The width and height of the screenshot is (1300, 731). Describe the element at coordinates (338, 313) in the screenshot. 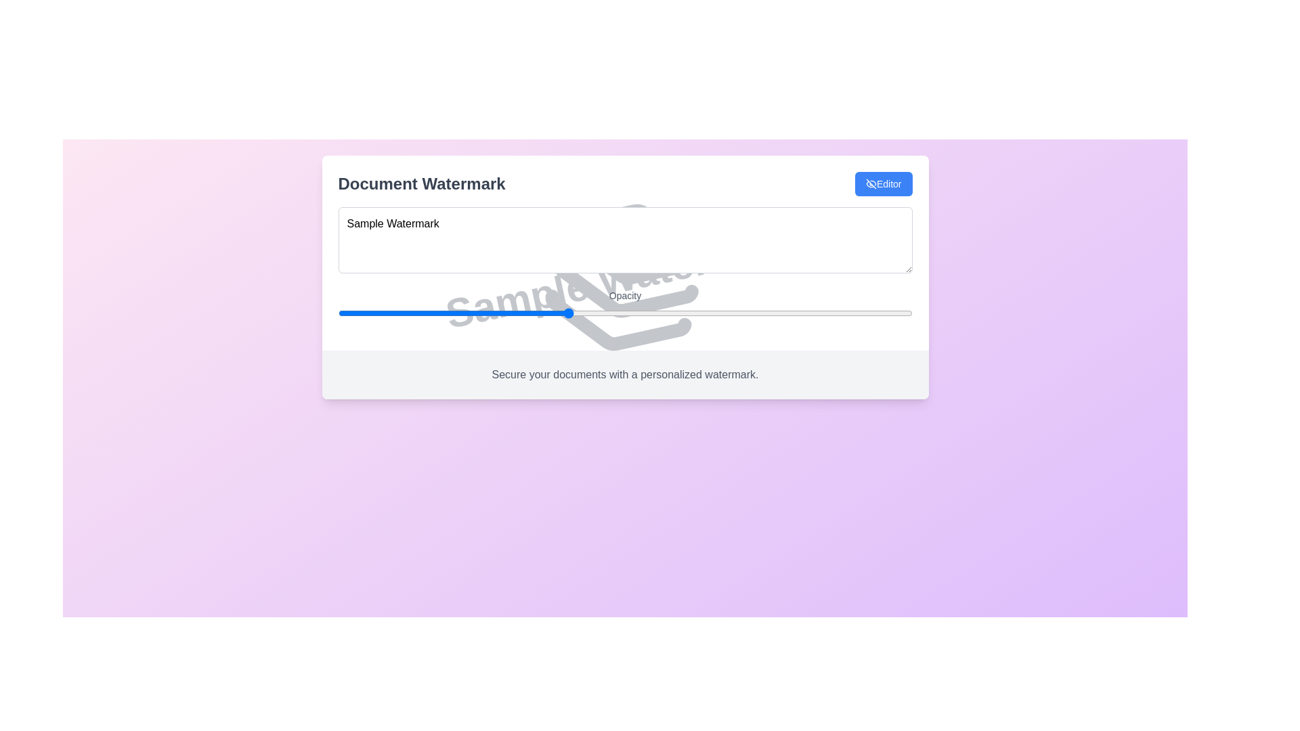

I see `opacity` at that location.